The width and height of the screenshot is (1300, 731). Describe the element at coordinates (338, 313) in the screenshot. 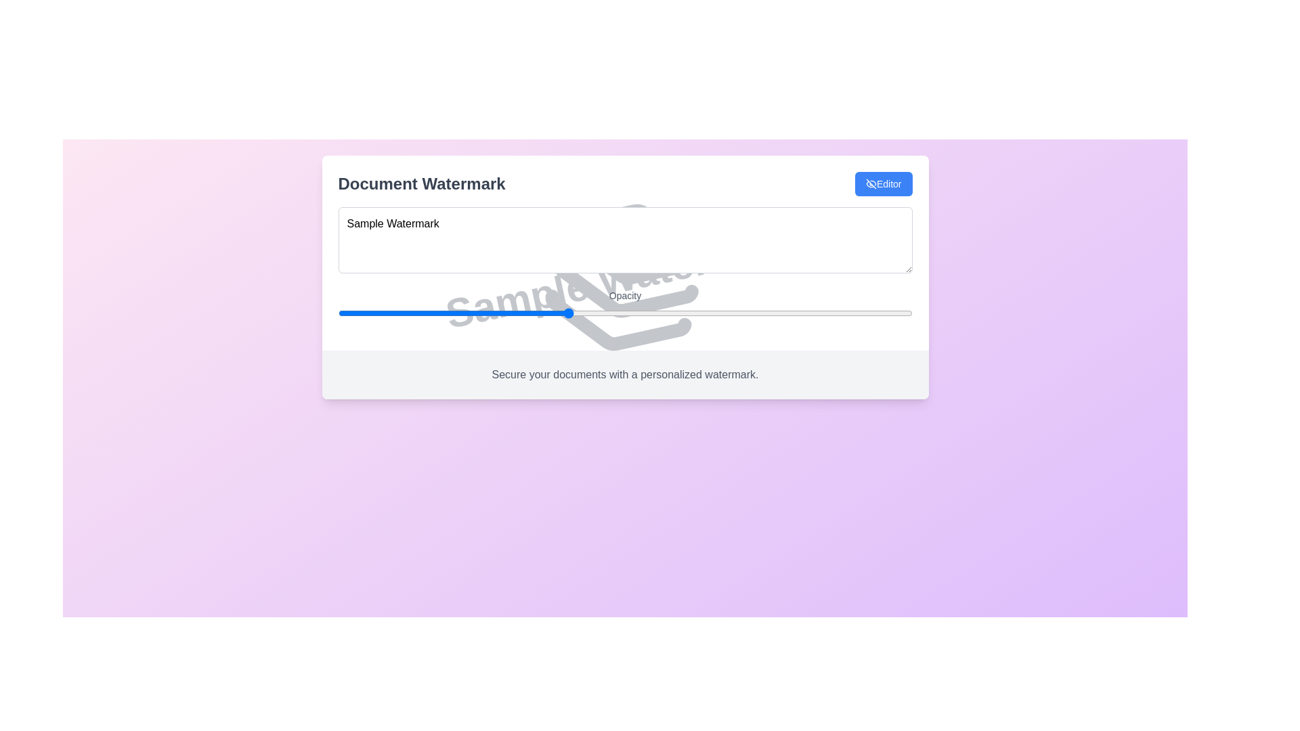

I see `opacity` at that location.